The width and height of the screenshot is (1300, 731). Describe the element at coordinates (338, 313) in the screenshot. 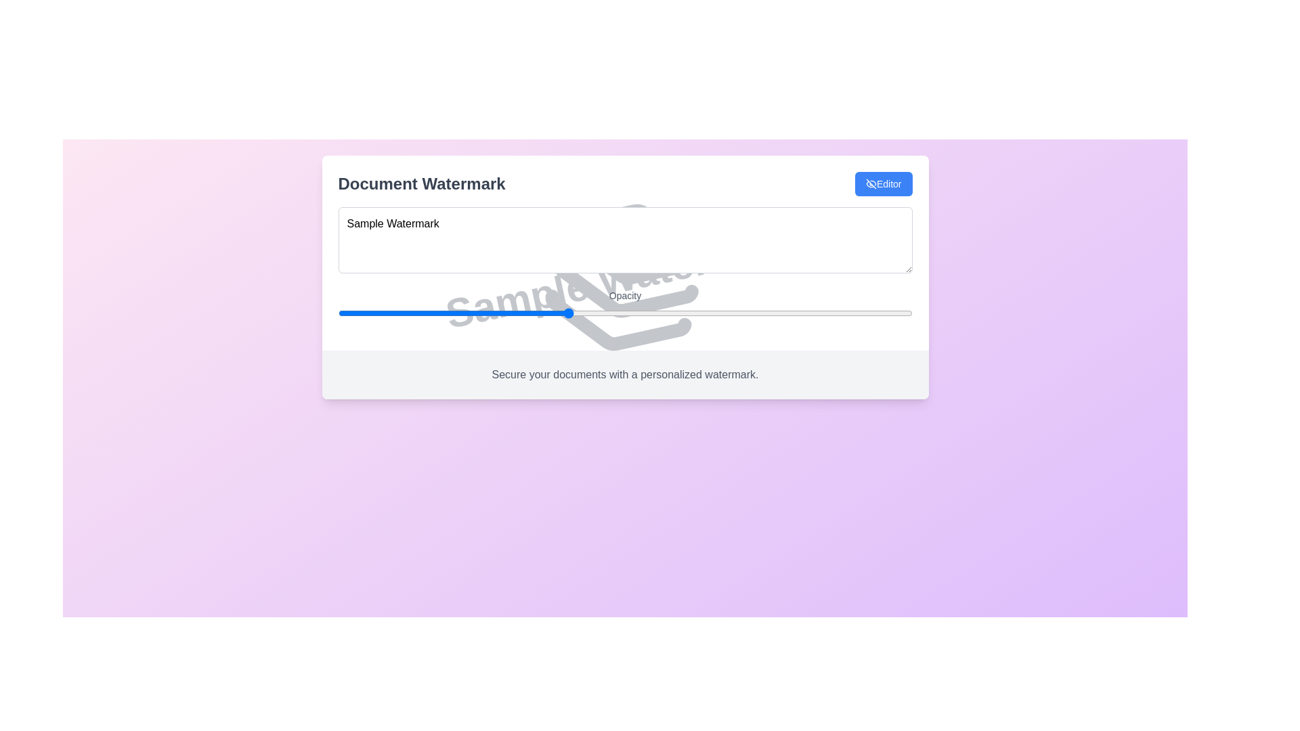

I see `opacity` at that location.